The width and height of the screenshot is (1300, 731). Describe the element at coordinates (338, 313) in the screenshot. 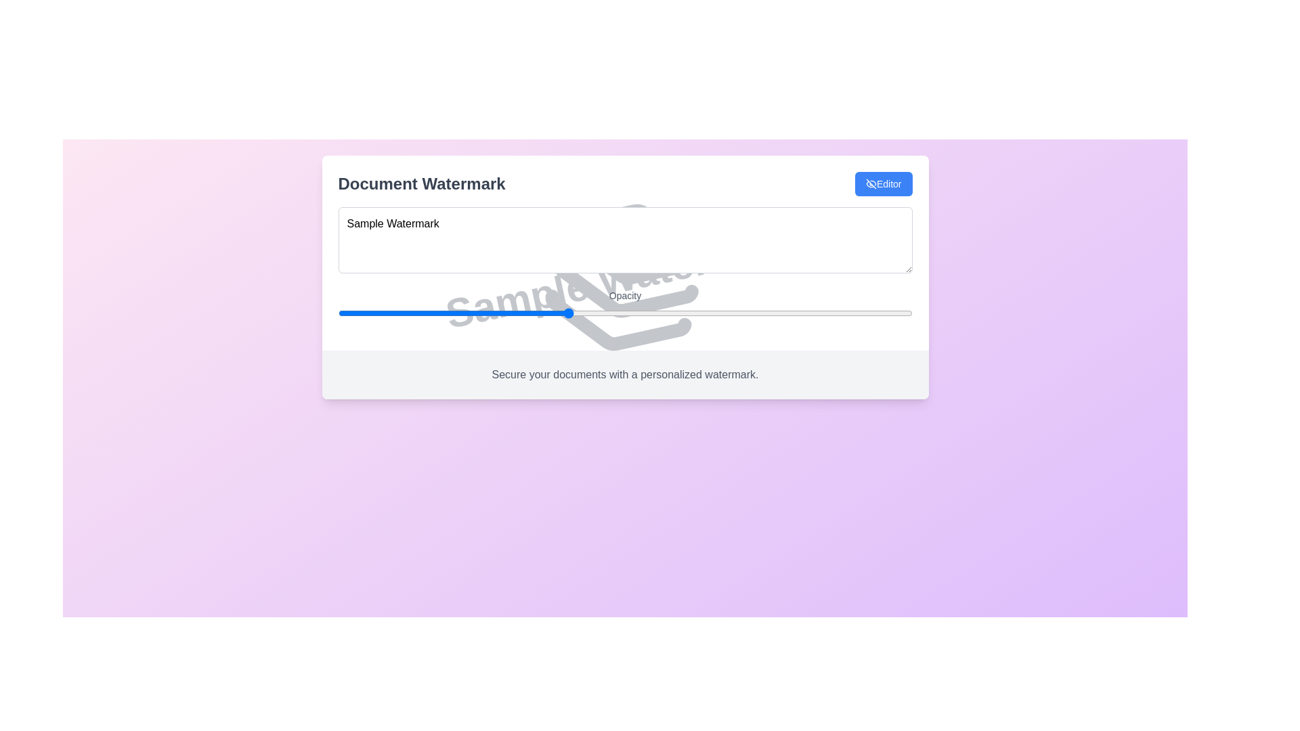

I see `opacity` at that location.